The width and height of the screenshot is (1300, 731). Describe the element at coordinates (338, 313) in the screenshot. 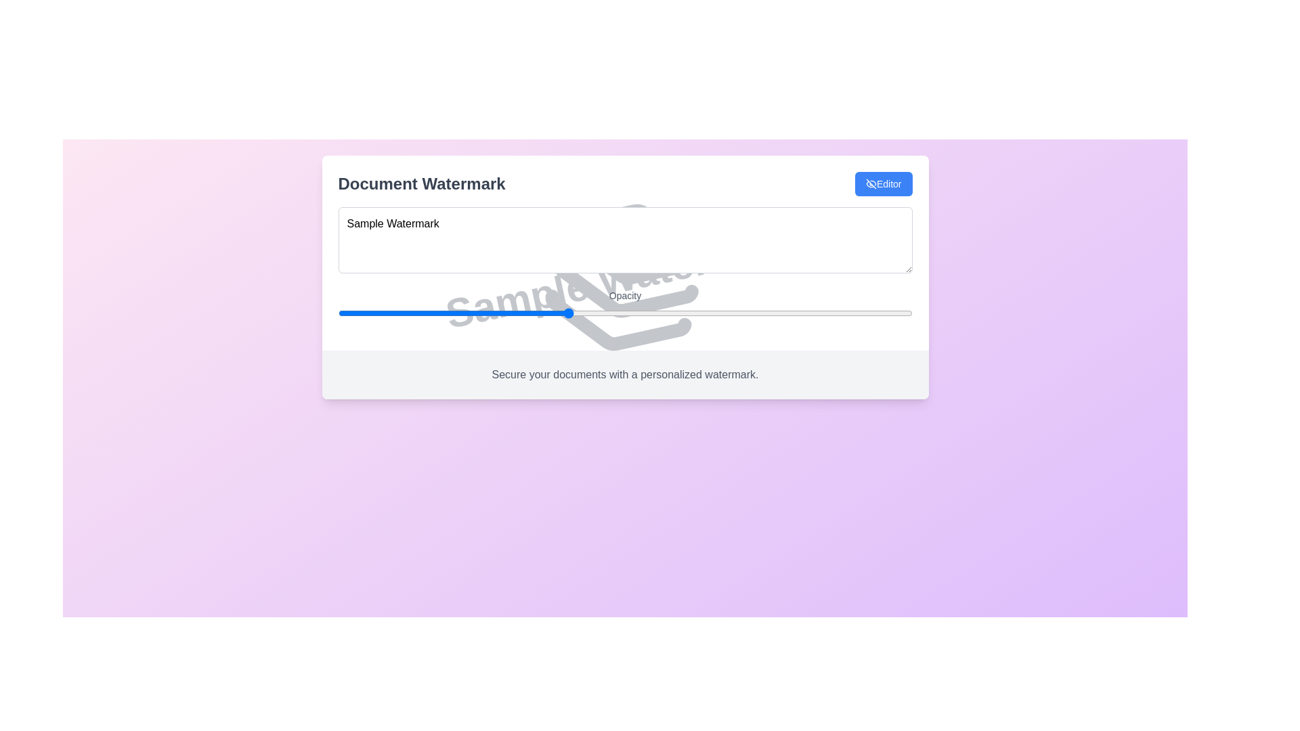

I see `opacity` at that location.